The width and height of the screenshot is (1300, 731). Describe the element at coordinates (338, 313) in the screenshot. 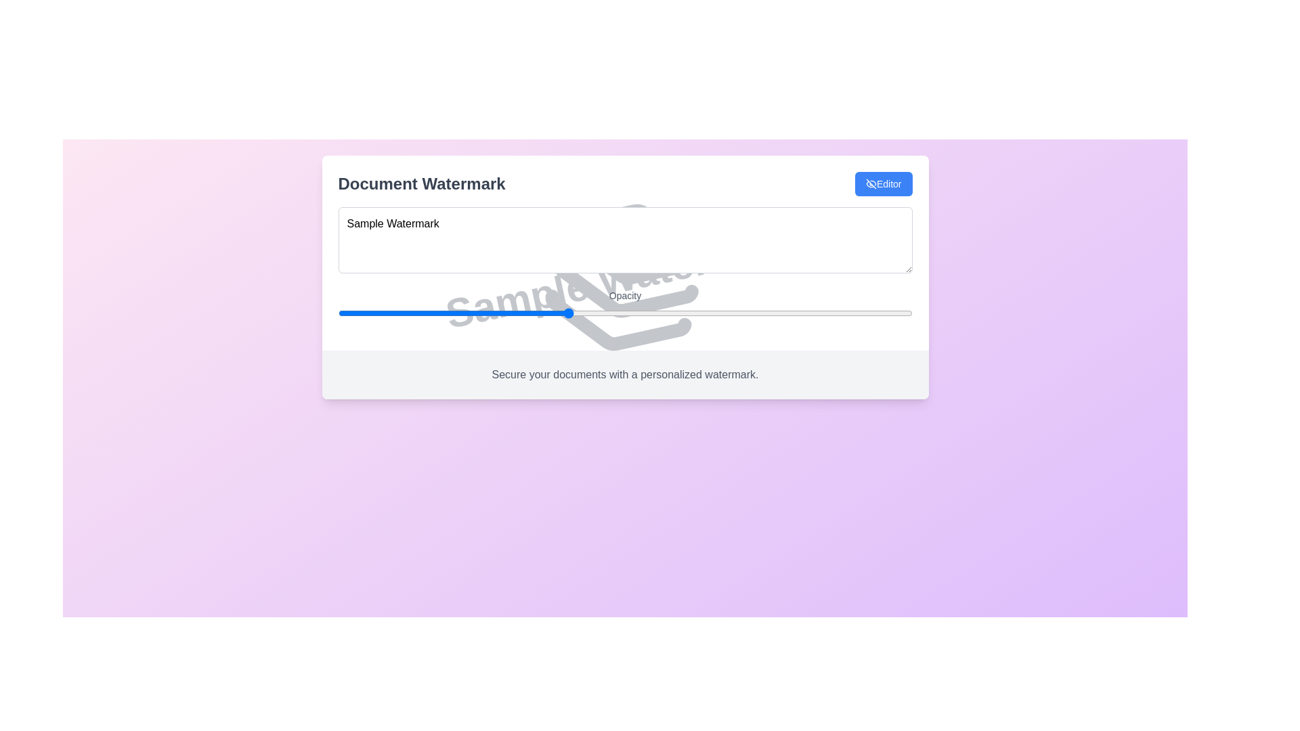

I see `opacity` at that location.